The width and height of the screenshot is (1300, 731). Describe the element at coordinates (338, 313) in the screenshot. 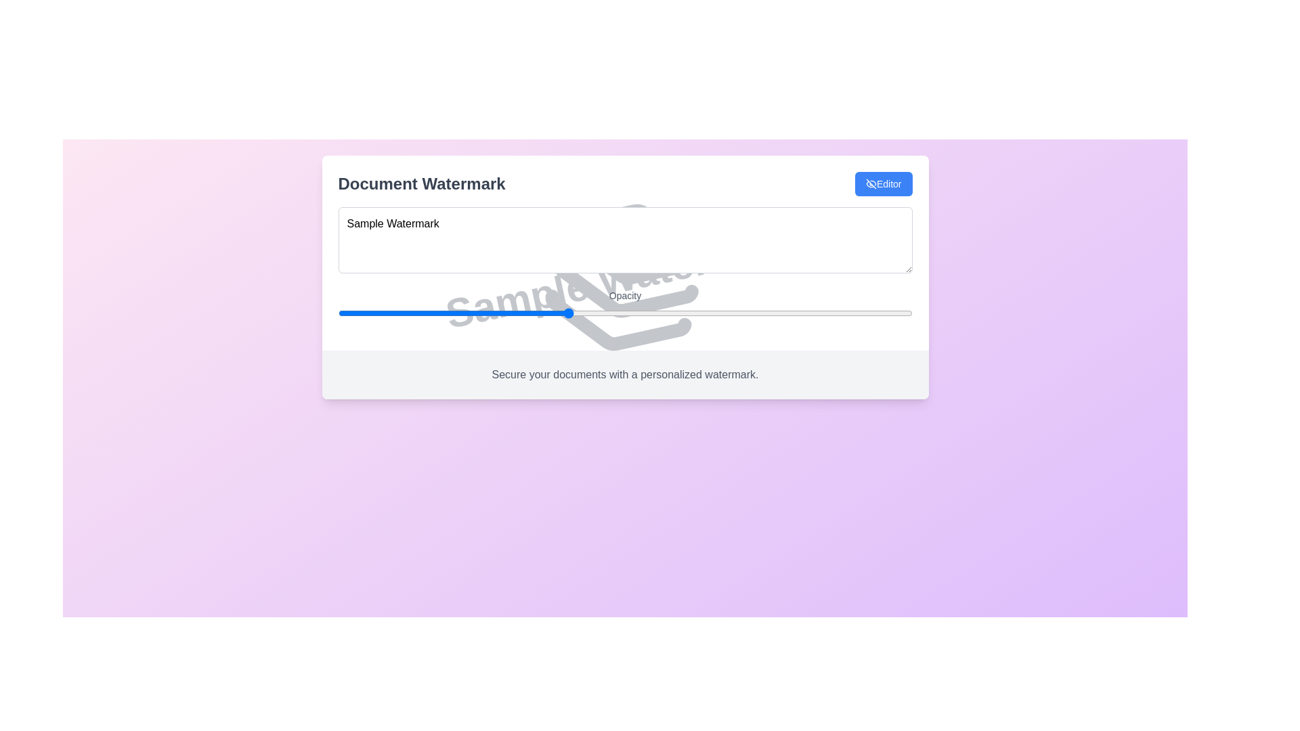

I see `opacity` at that location.